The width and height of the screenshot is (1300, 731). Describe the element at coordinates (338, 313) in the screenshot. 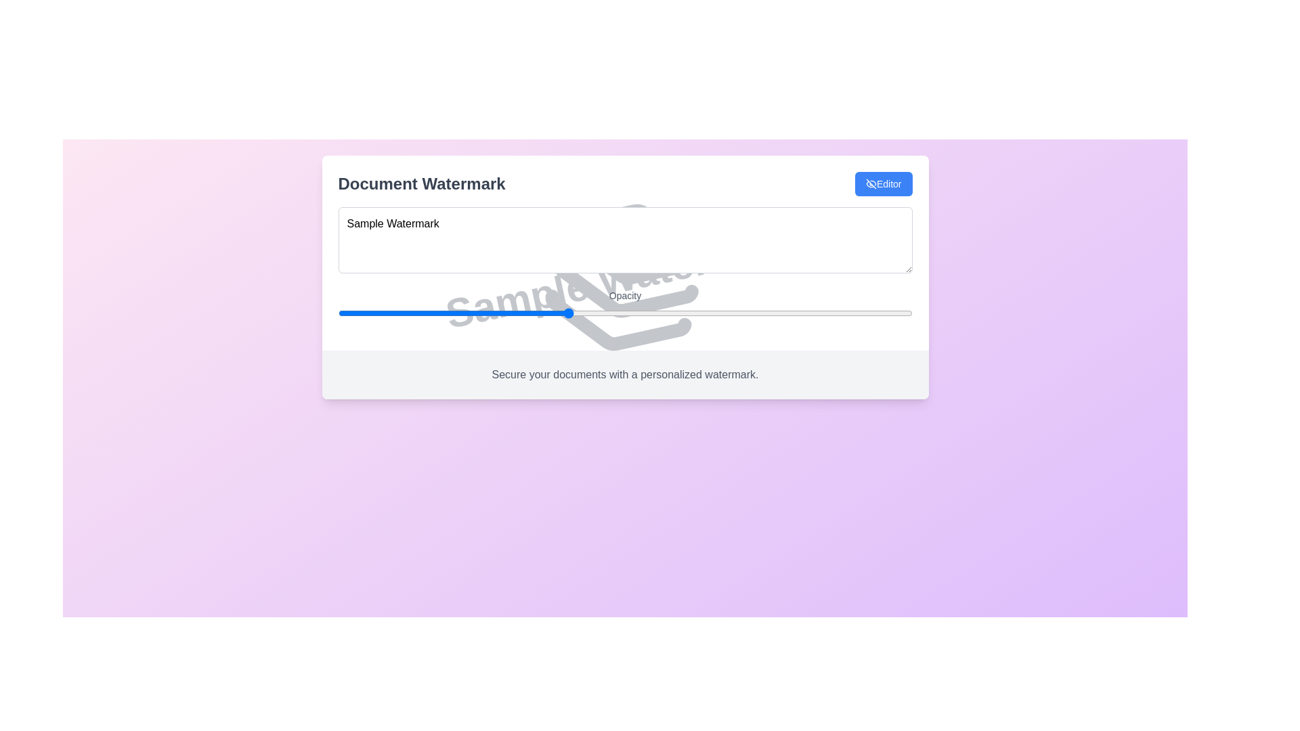

I see `opacity` at that location.